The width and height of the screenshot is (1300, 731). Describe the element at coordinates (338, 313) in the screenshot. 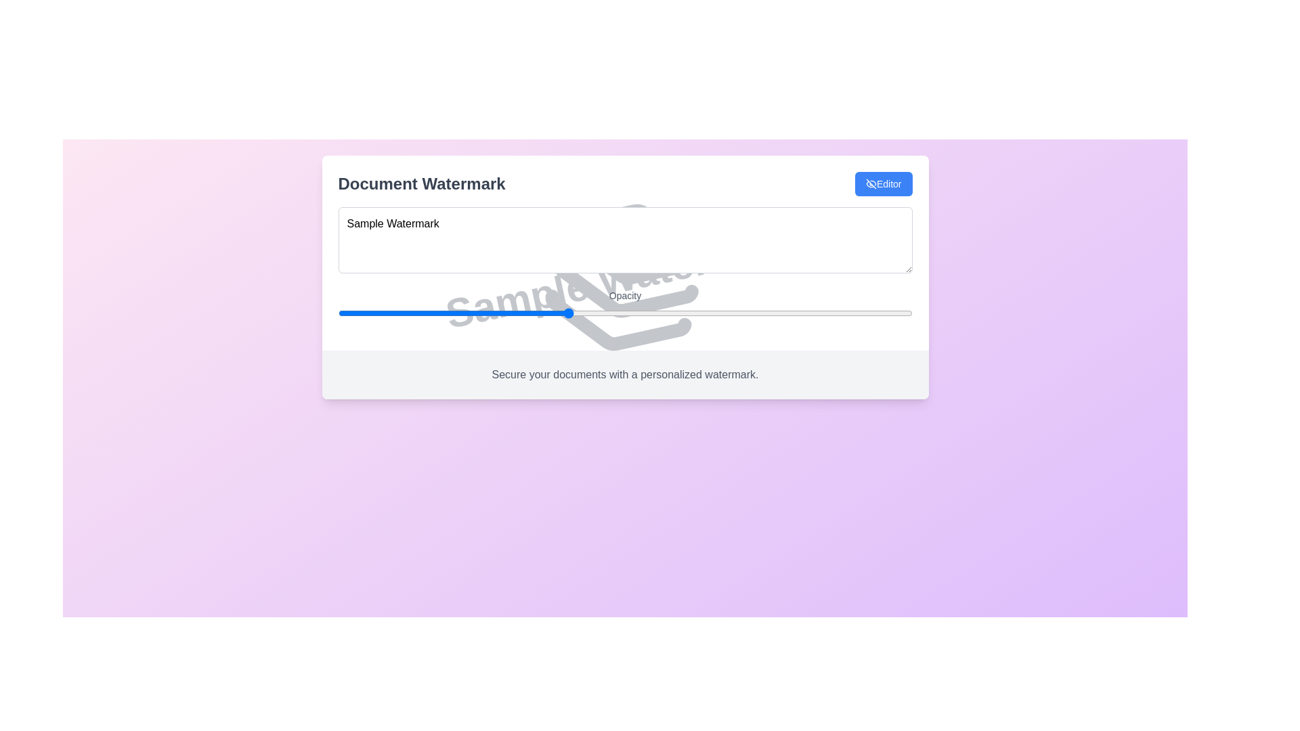

I see `opacity` at that location.